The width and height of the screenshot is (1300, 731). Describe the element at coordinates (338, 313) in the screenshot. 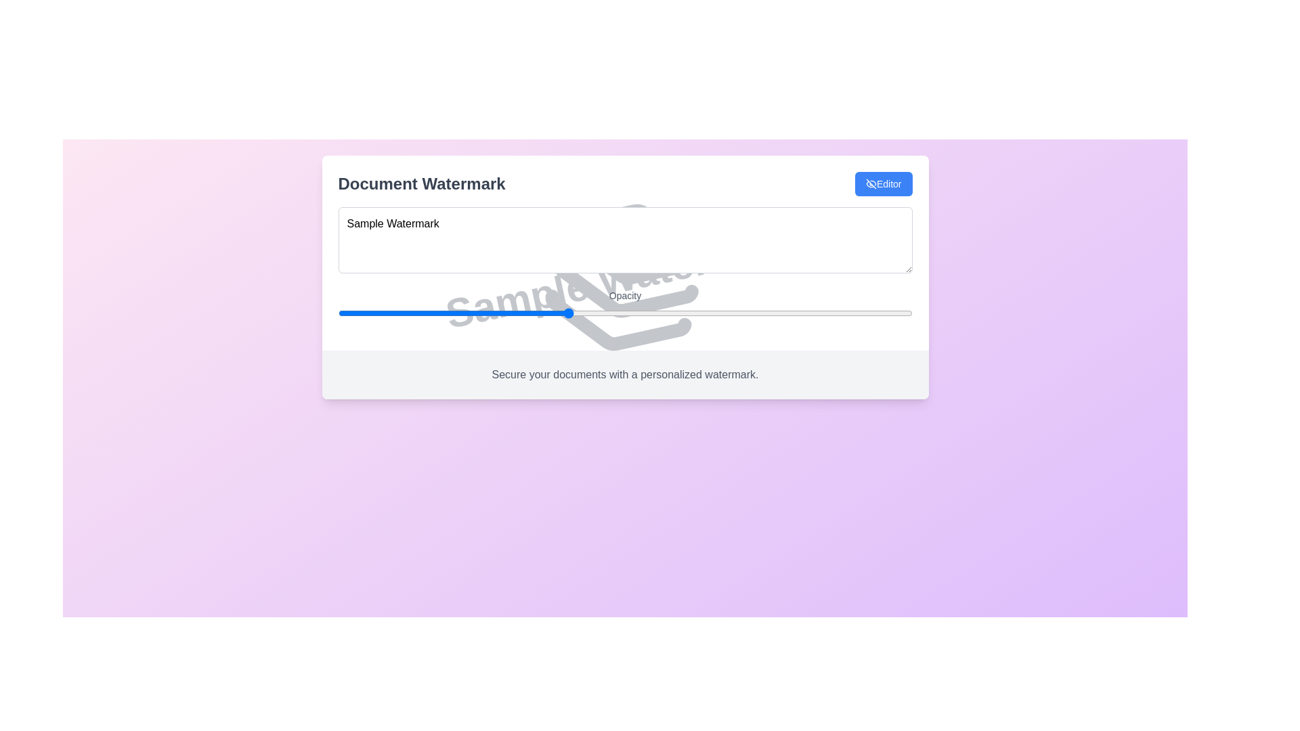

I see `opacity` at that location.